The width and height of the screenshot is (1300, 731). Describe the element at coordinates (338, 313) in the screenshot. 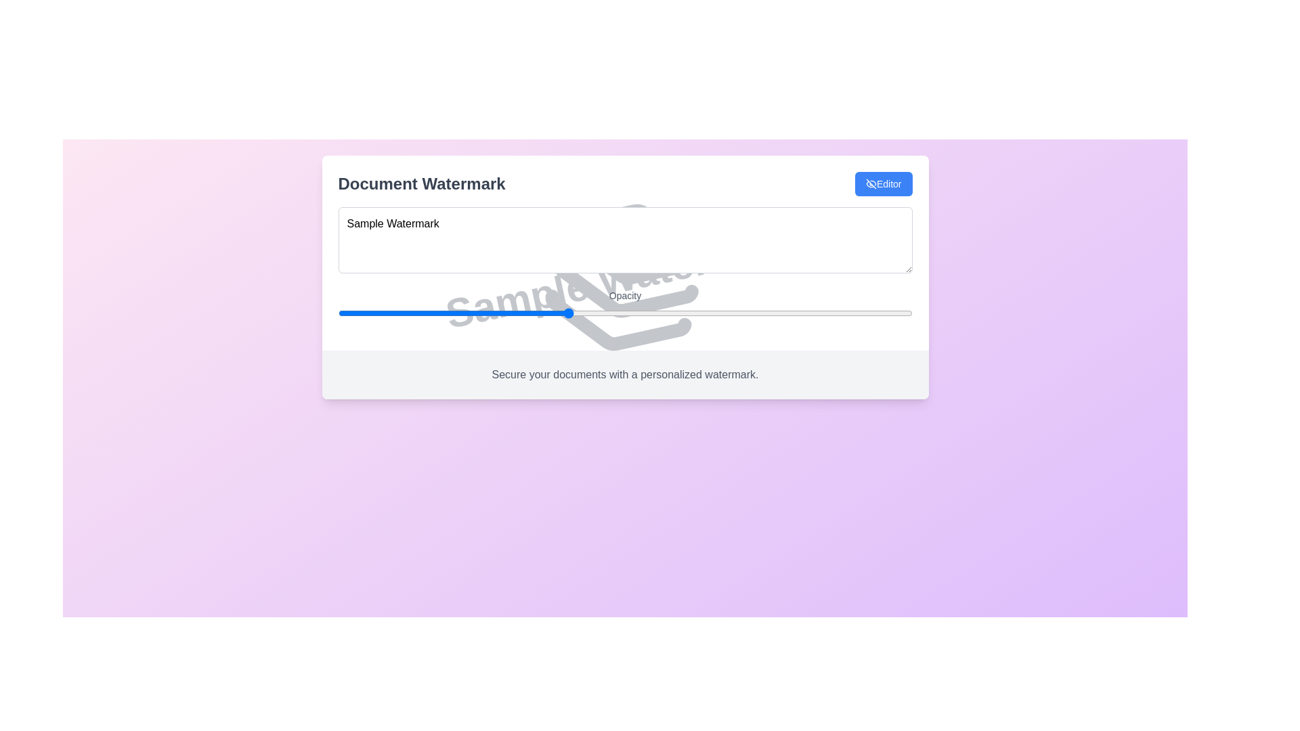

I see `opacity` at that location.